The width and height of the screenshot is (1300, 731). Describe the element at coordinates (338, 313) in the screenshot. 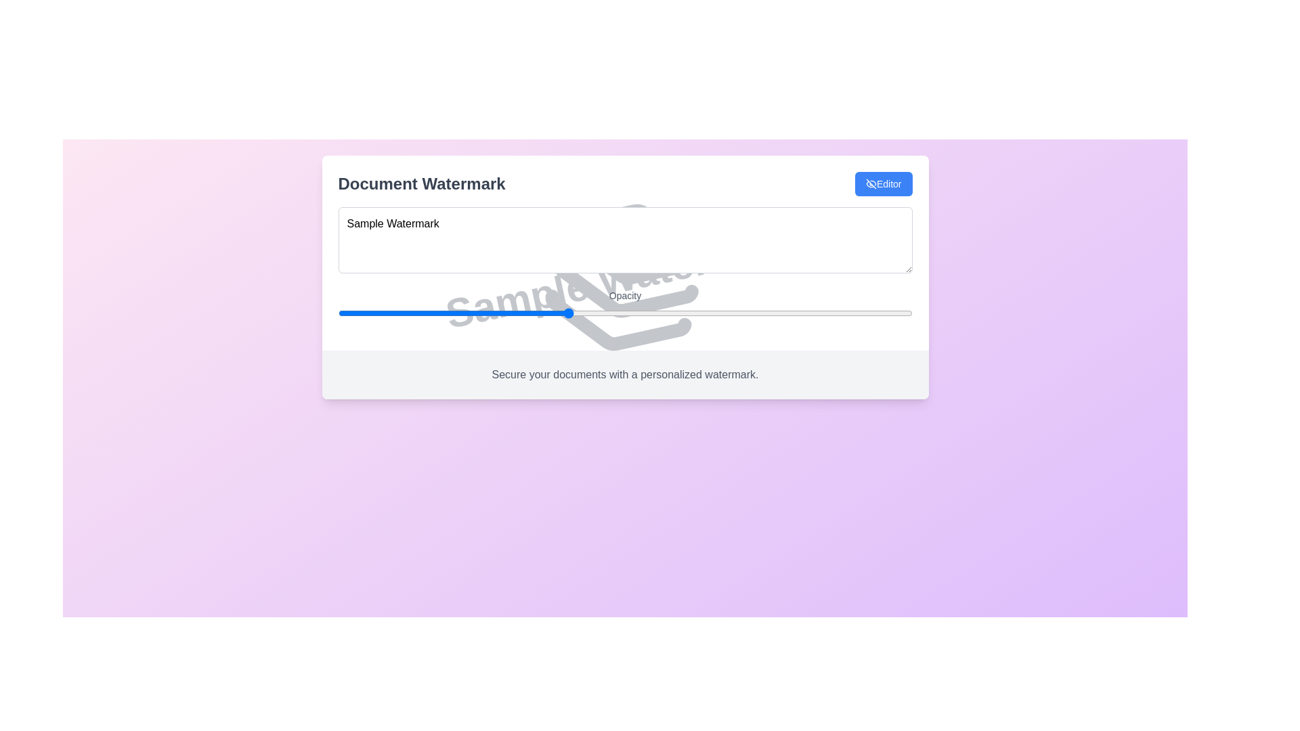

I see `opacity` at that location.